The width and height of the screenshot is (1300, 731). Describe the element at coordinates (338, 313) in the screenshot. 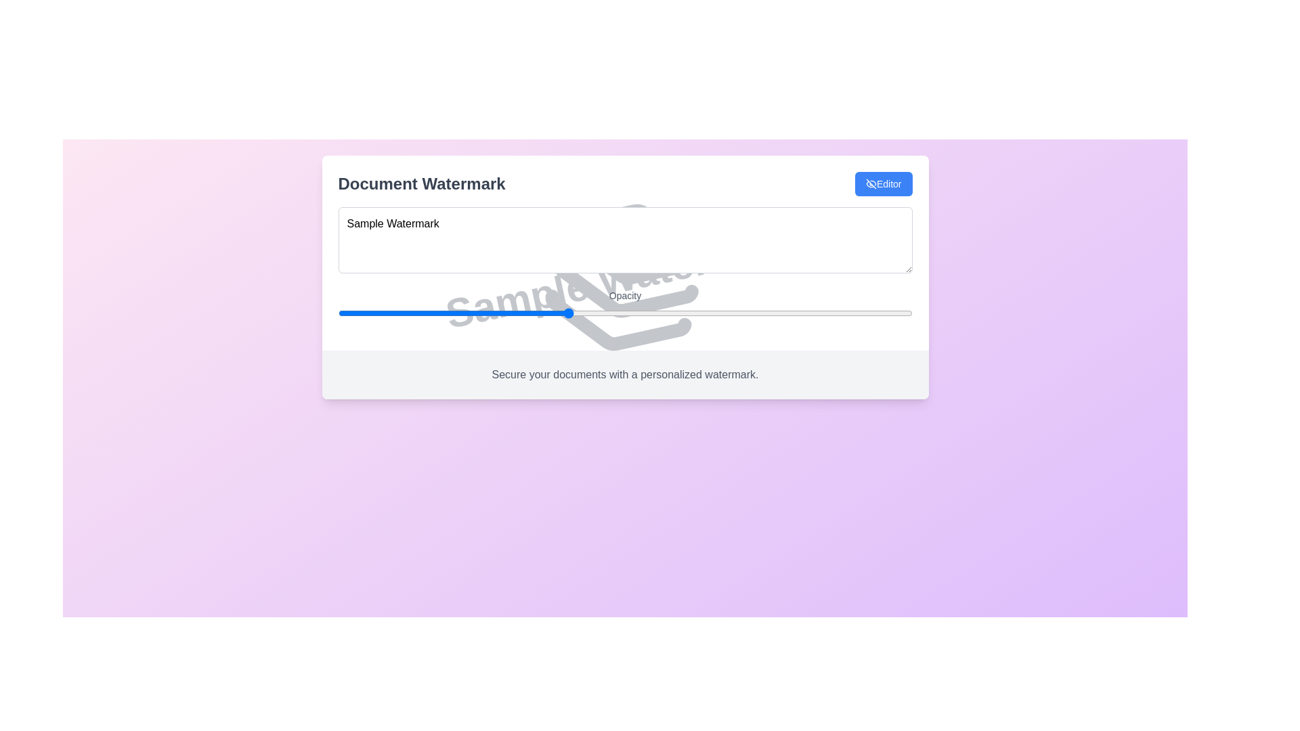

I see `opacity` at that location.